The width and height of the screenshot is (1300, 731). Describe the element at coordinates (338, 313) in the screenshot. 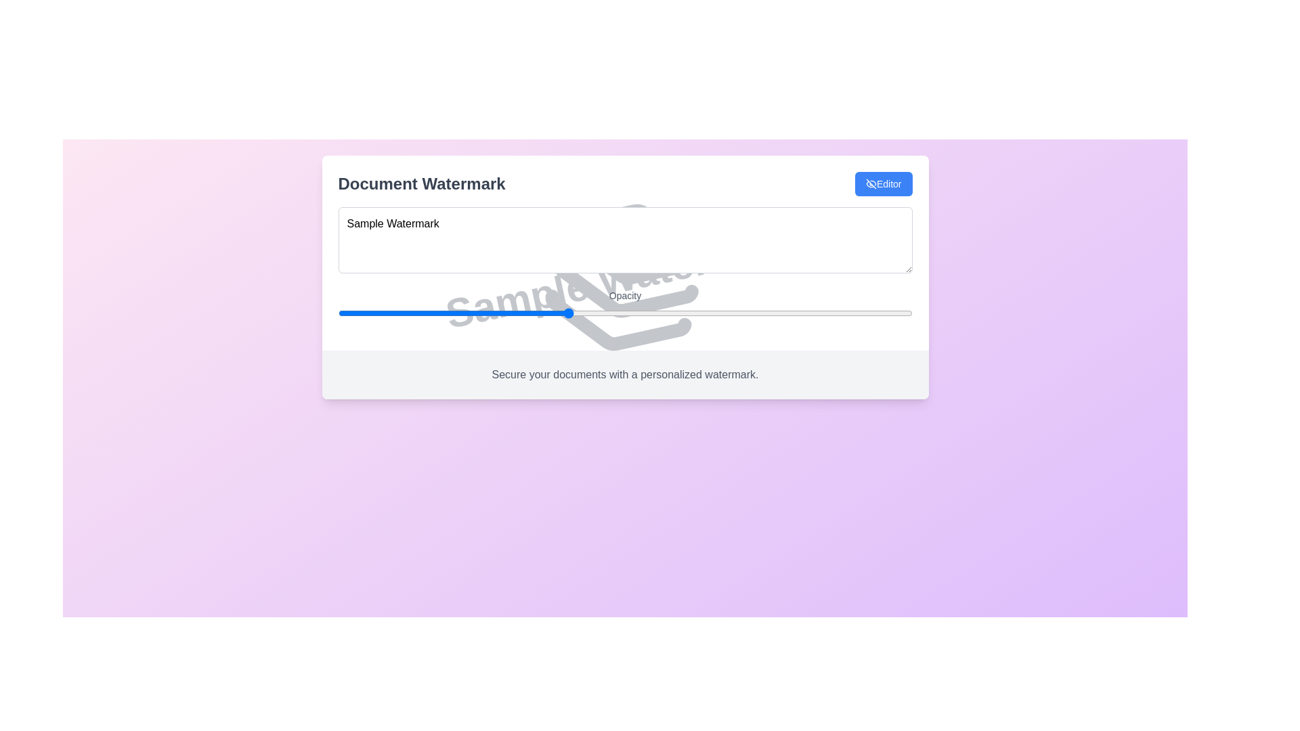

I see `opacity` at that location.